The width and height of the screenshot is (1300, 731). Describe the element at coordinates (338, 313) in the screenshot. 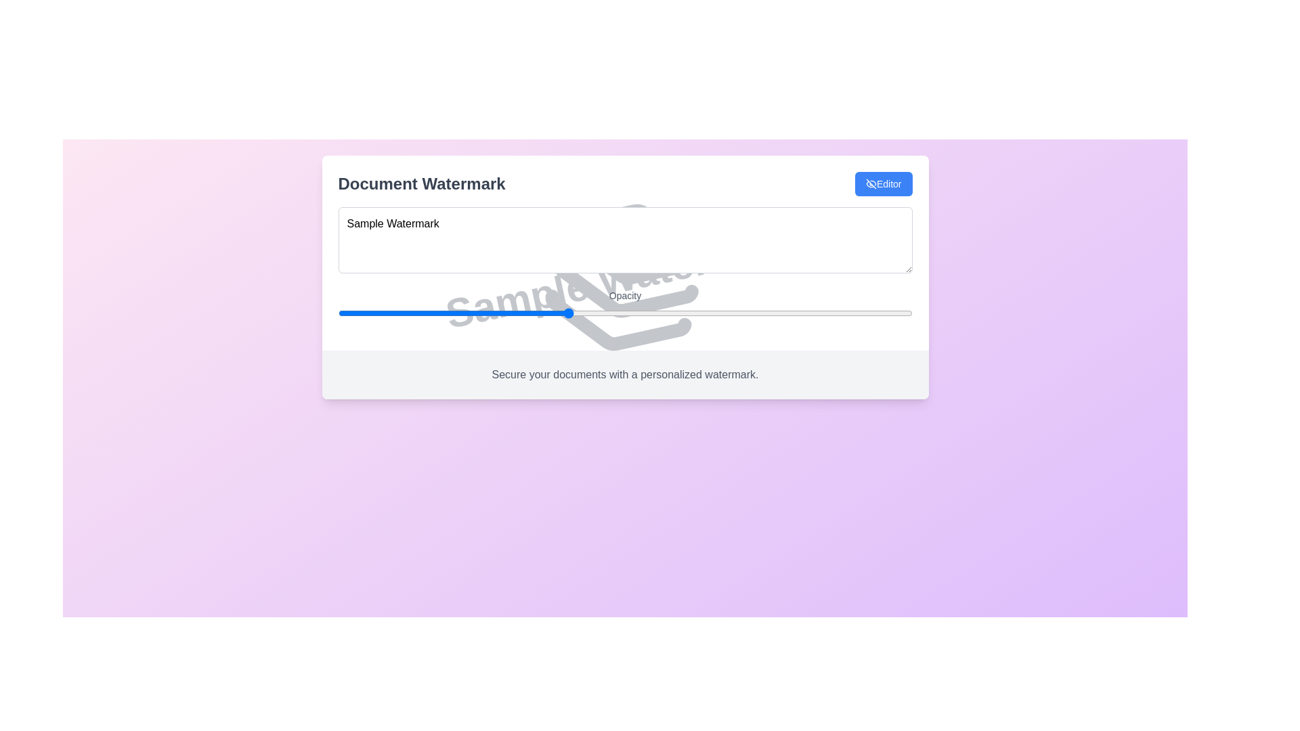

I see `opacity` at that location.